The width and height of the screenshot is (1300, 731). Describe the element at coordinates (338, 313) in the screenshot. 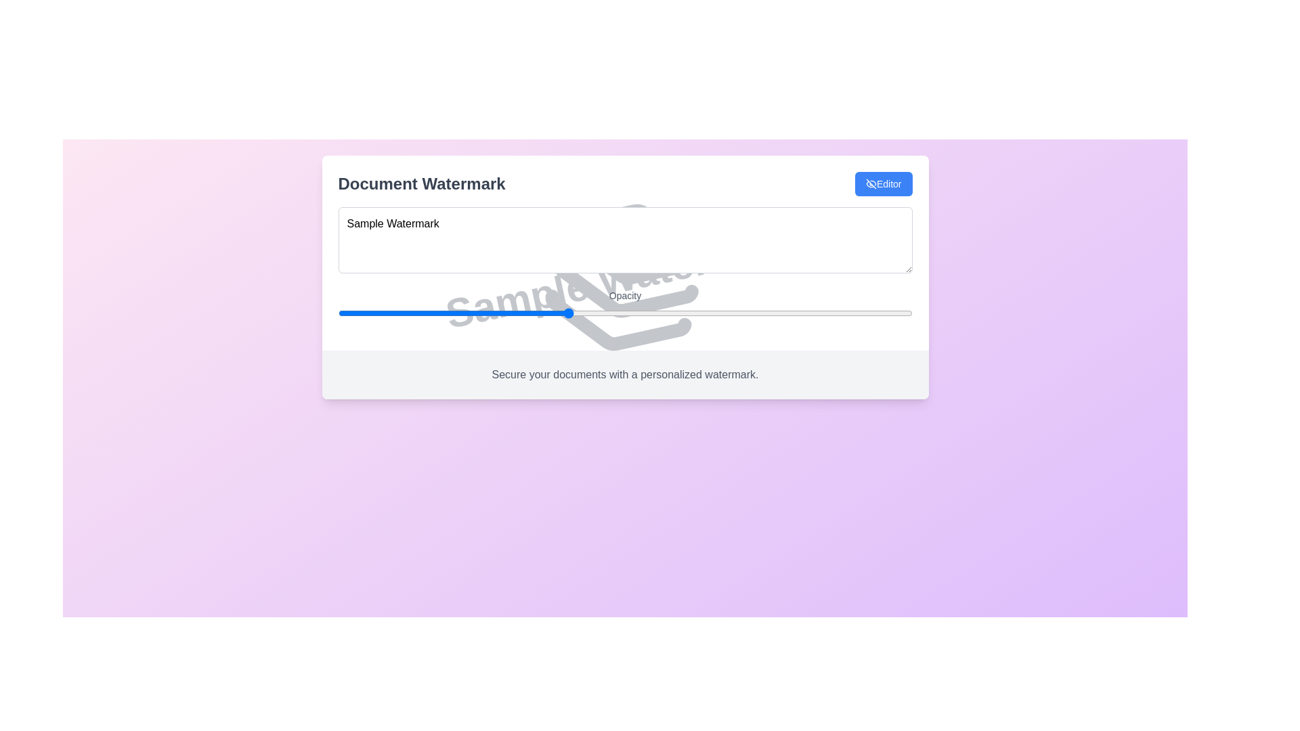

I see `opacity` at that location.